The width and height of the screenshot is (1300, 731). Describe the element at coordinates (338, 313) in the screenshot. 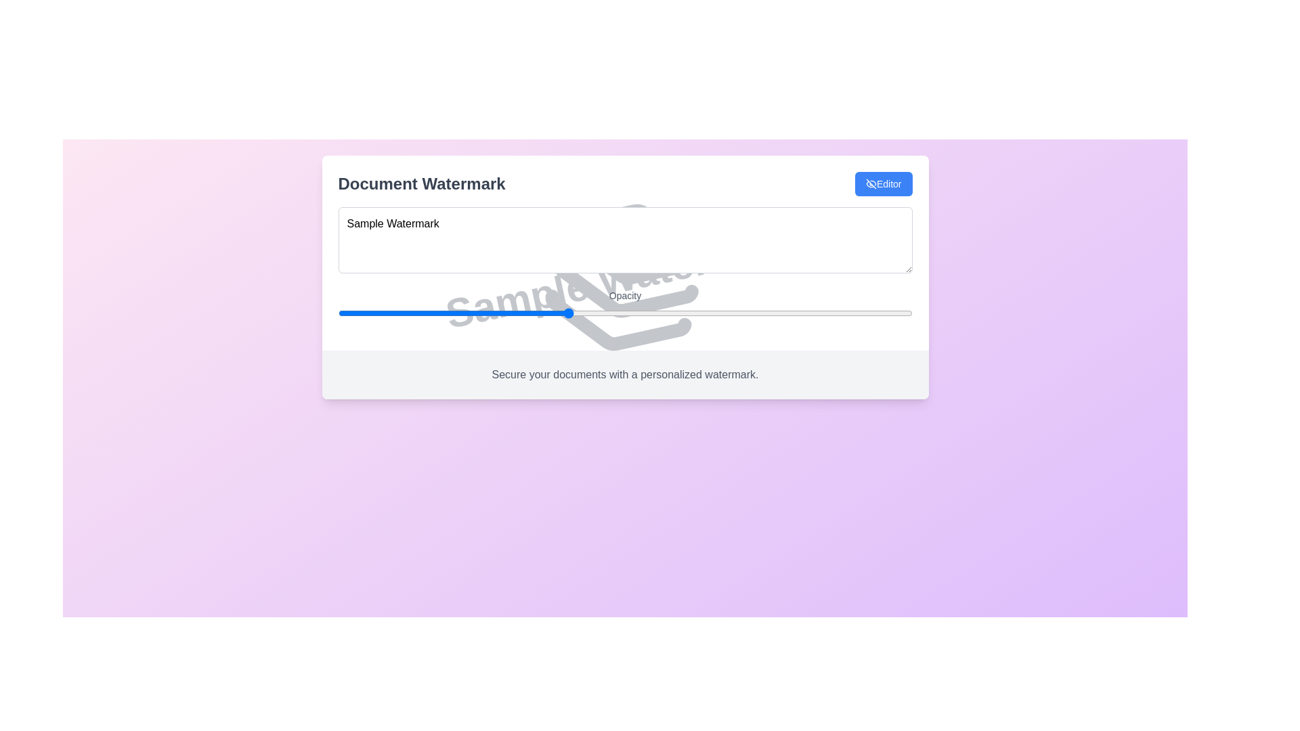

I see `opacity` at that location.